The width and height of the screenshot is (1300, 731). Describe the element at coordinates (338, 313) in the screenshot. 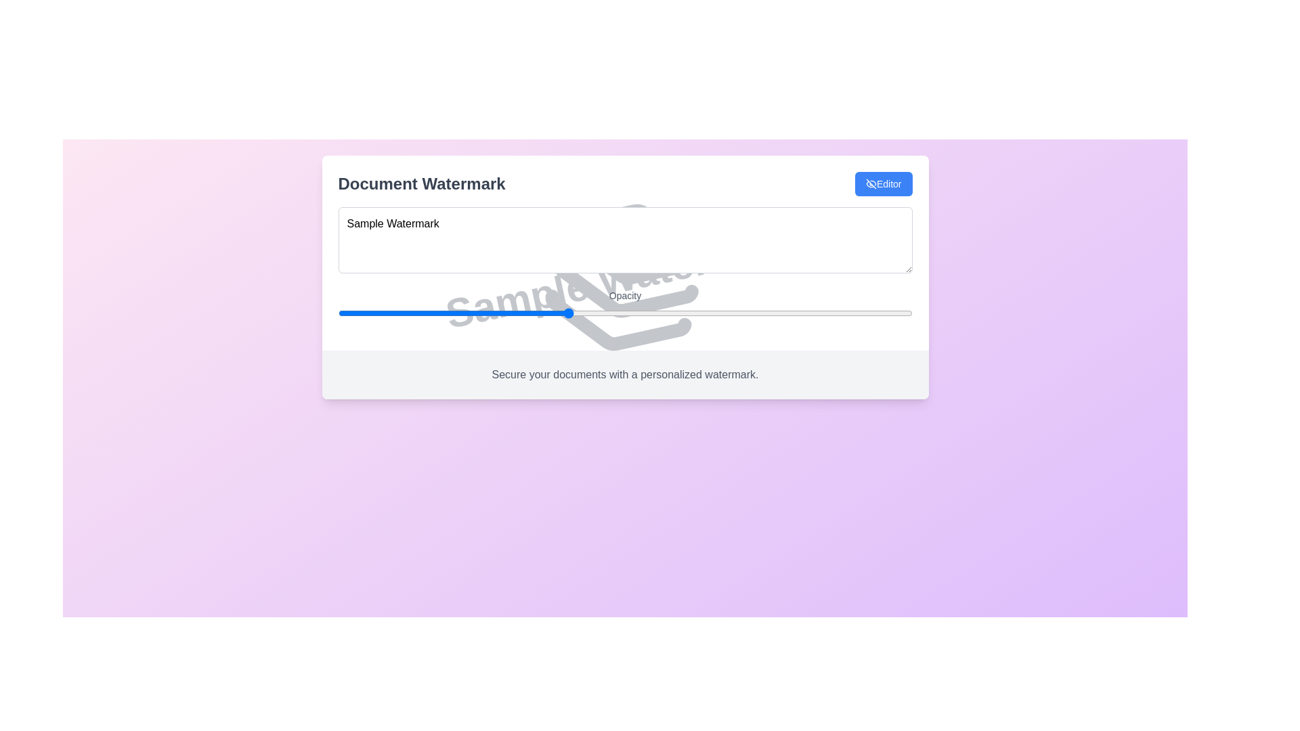

I see `opacity` at that location.